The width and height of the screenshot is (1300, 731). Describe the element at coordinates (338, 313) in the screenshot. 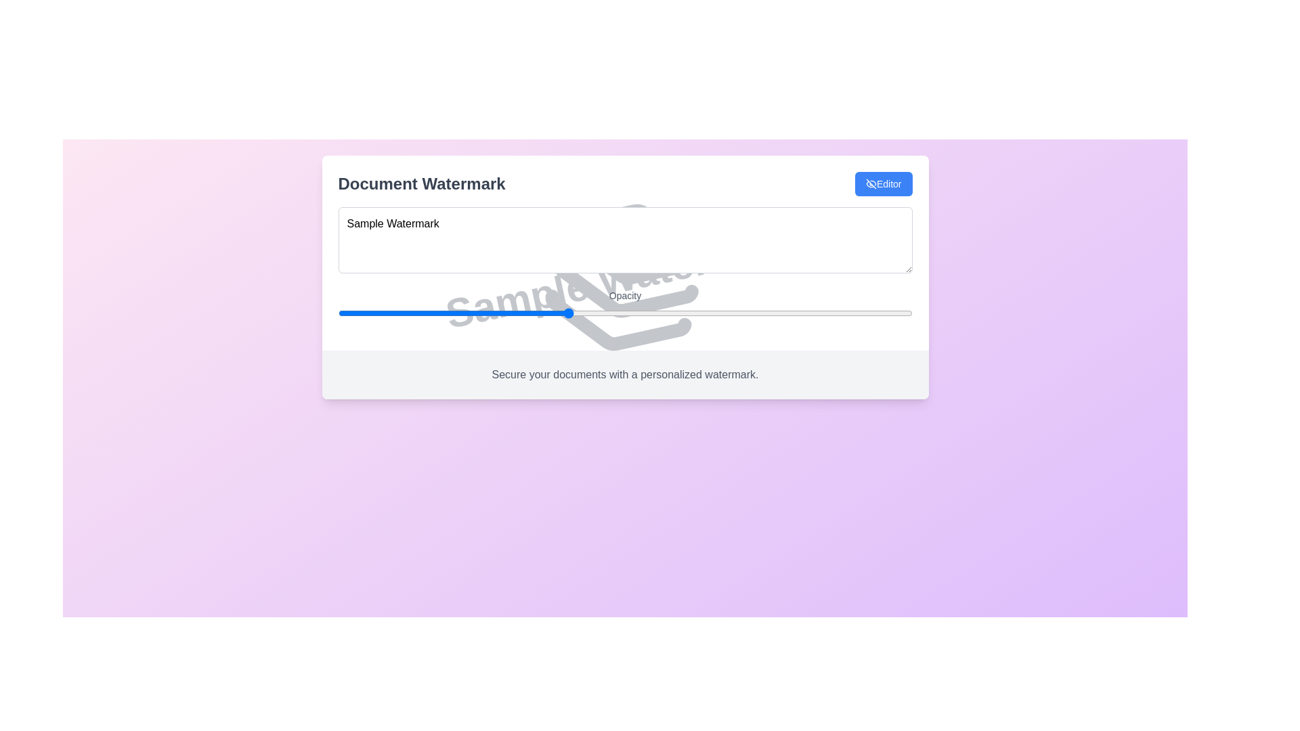

I see `opacity` at that location.